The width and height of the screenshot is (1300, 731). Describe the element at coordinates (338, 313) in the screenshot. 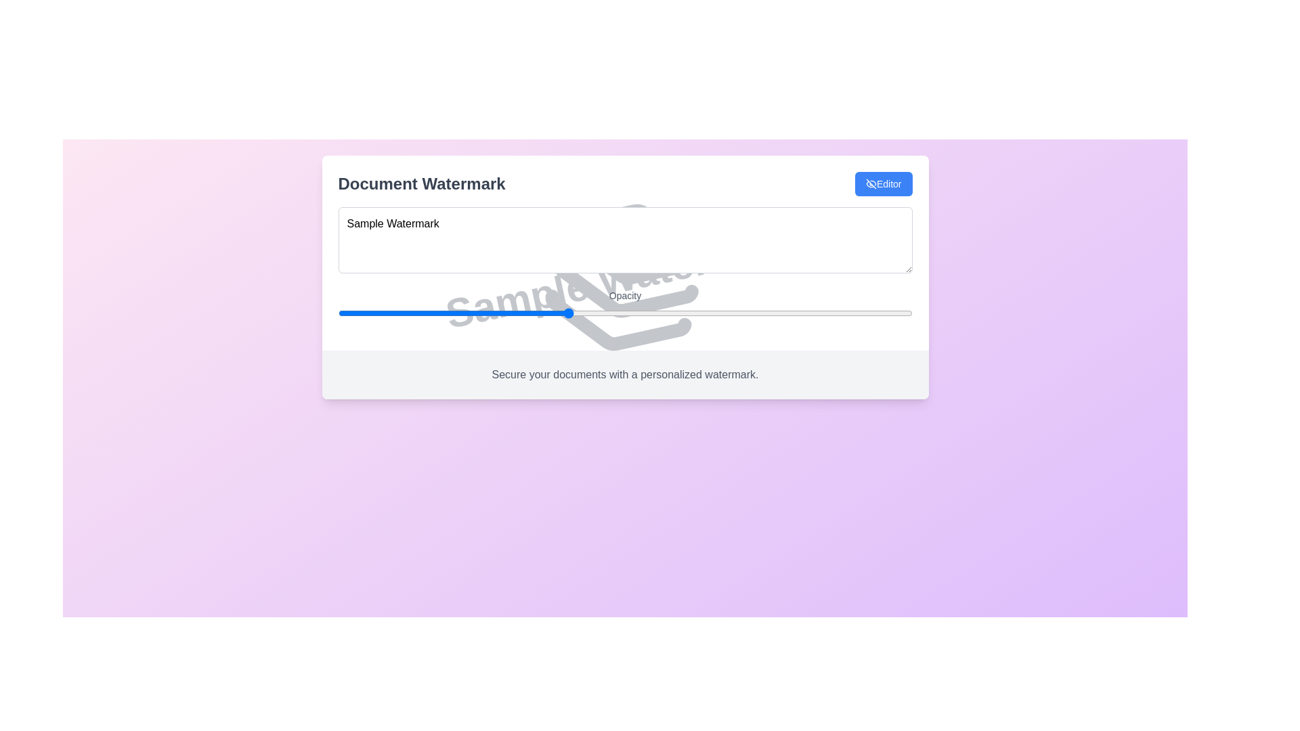

I see `opacity` at that location.